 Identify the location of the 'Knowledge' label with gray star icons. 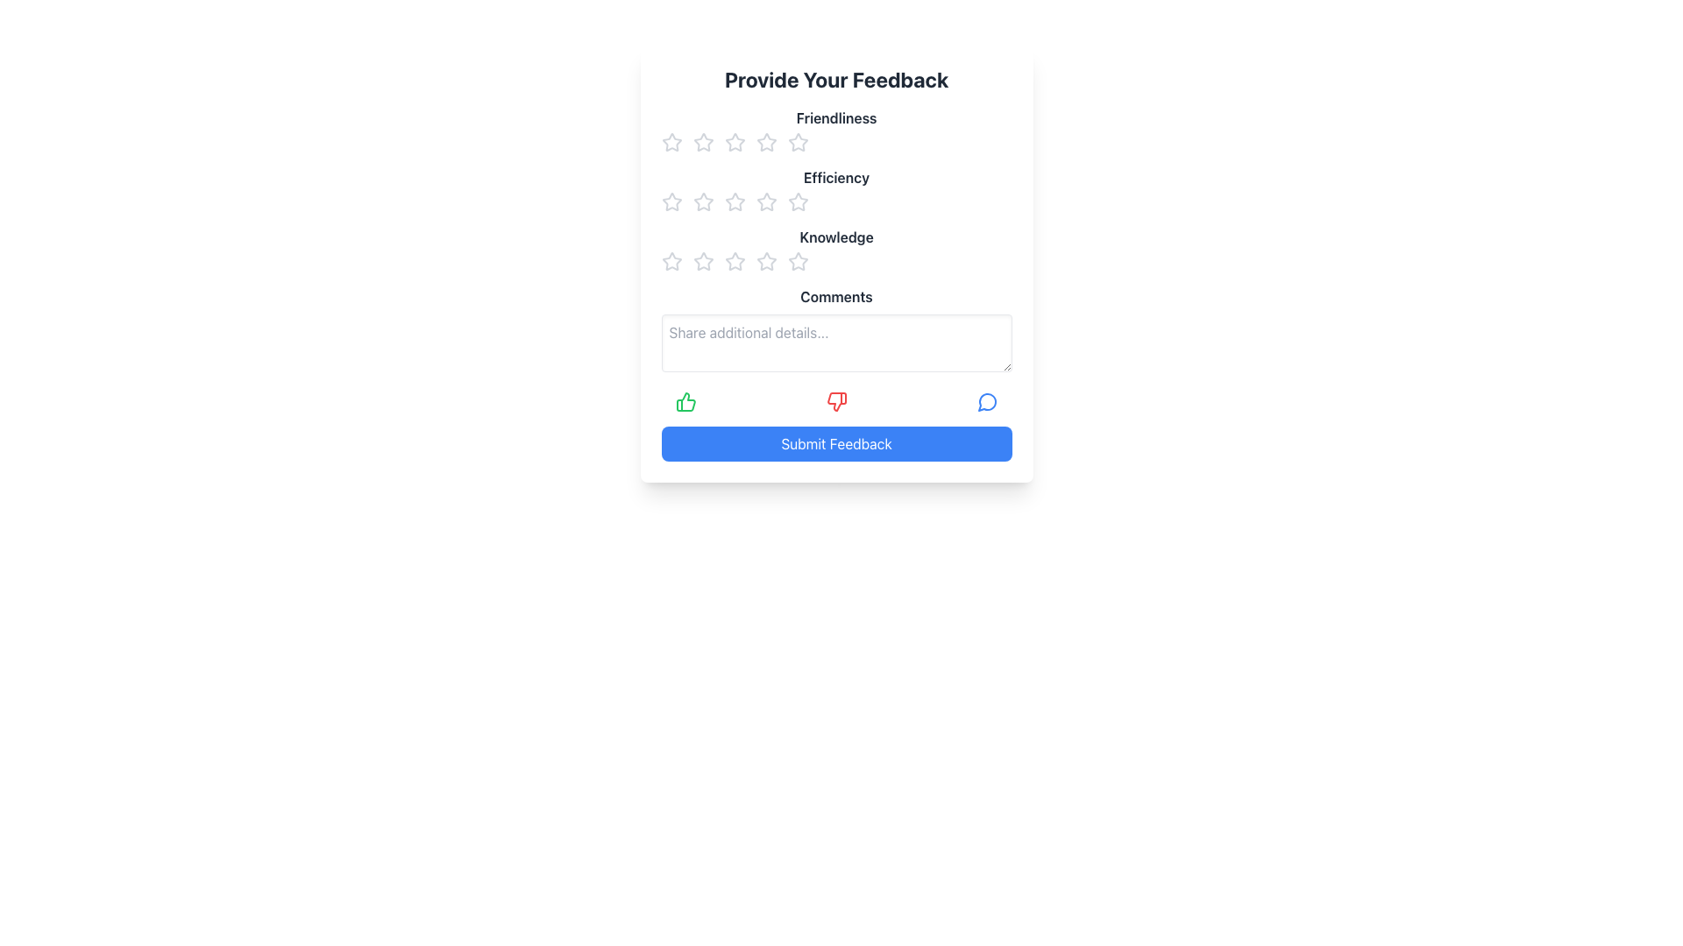
(835, 250).